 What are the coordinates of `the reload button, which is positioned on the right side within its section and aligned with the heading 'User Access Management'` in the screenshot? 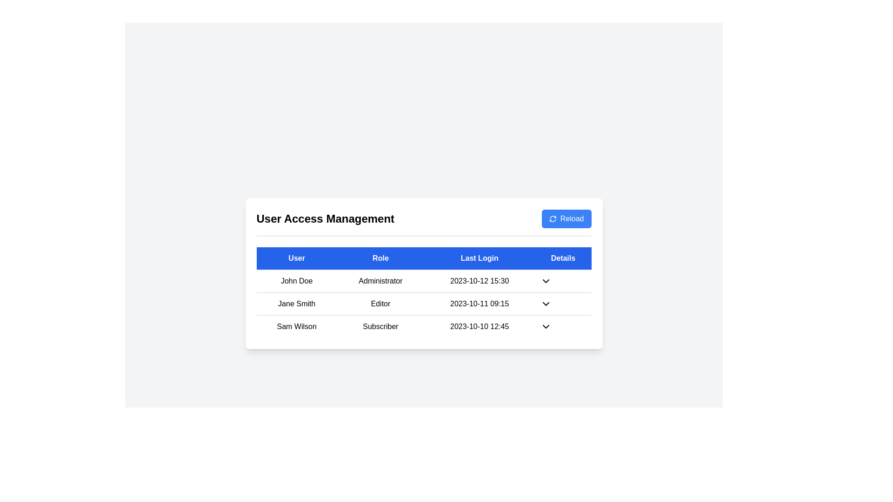 It's located at (566, 218).